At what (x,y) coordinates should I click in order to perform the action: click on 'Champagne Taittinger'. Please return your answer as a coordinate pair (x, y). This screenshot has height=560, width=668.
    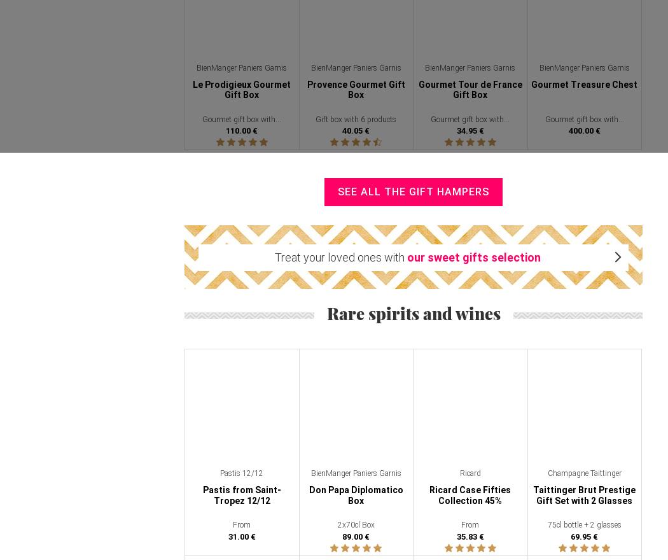
    Looking at the image, I should click on (584, 473).